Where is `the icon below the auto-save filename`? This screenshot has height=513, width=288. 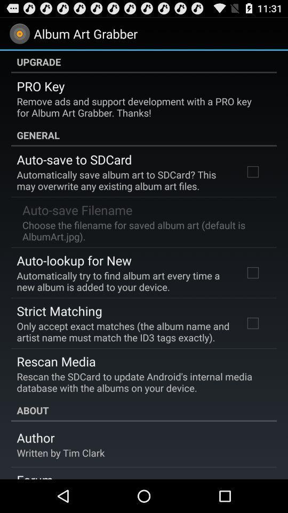 the icon below the auto-save filename is located at coordinates (143, 230).